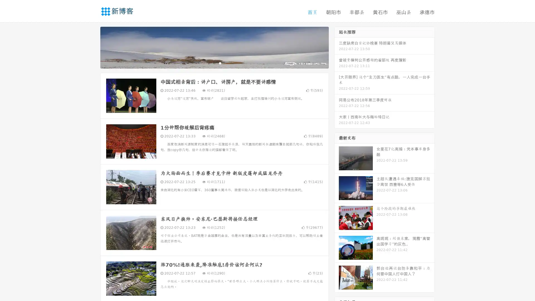  What do you see at coordinates (92, 47) in the screenshot?
I see `Previous slide` at bounding box center [92, 47].